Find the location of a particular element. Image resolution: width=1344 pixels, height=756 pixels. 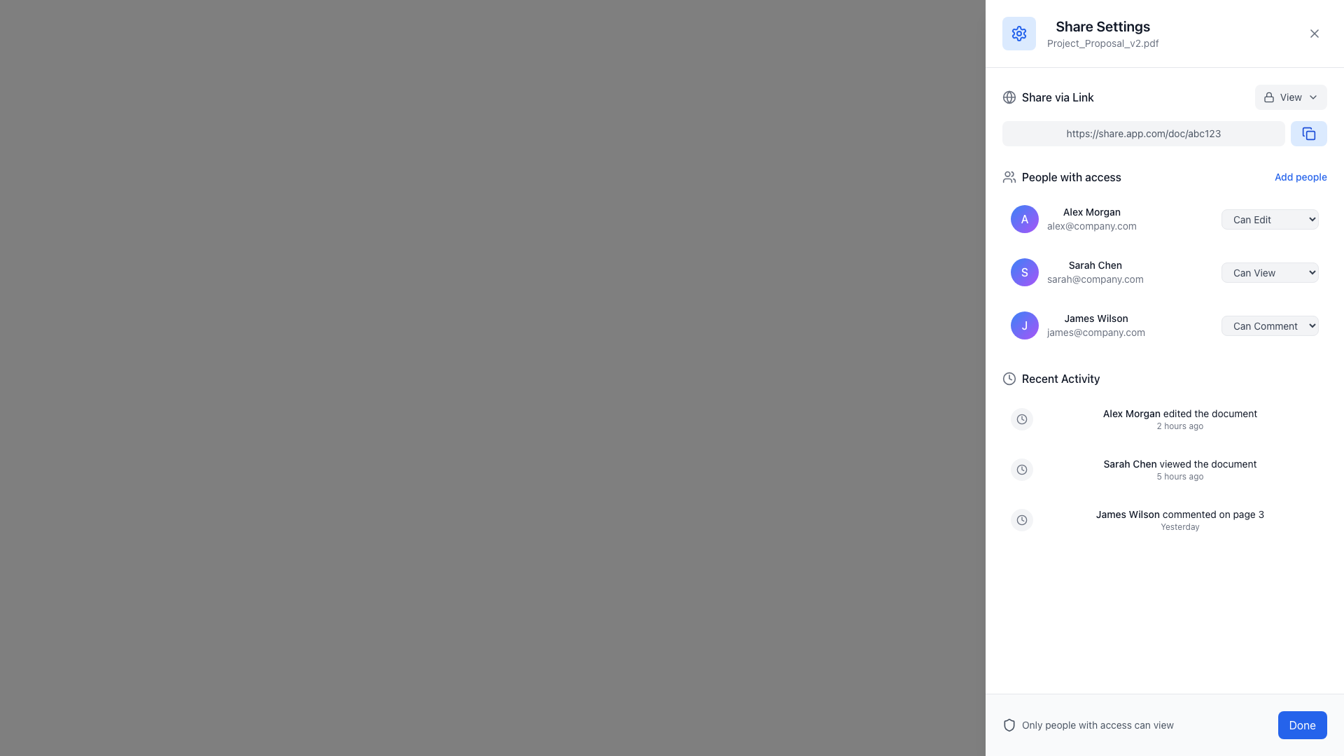

the highlighted list item containing the name 'Sarah Chen', which is the second item in the 'People with access' section is located at coordinates (1165, 272).